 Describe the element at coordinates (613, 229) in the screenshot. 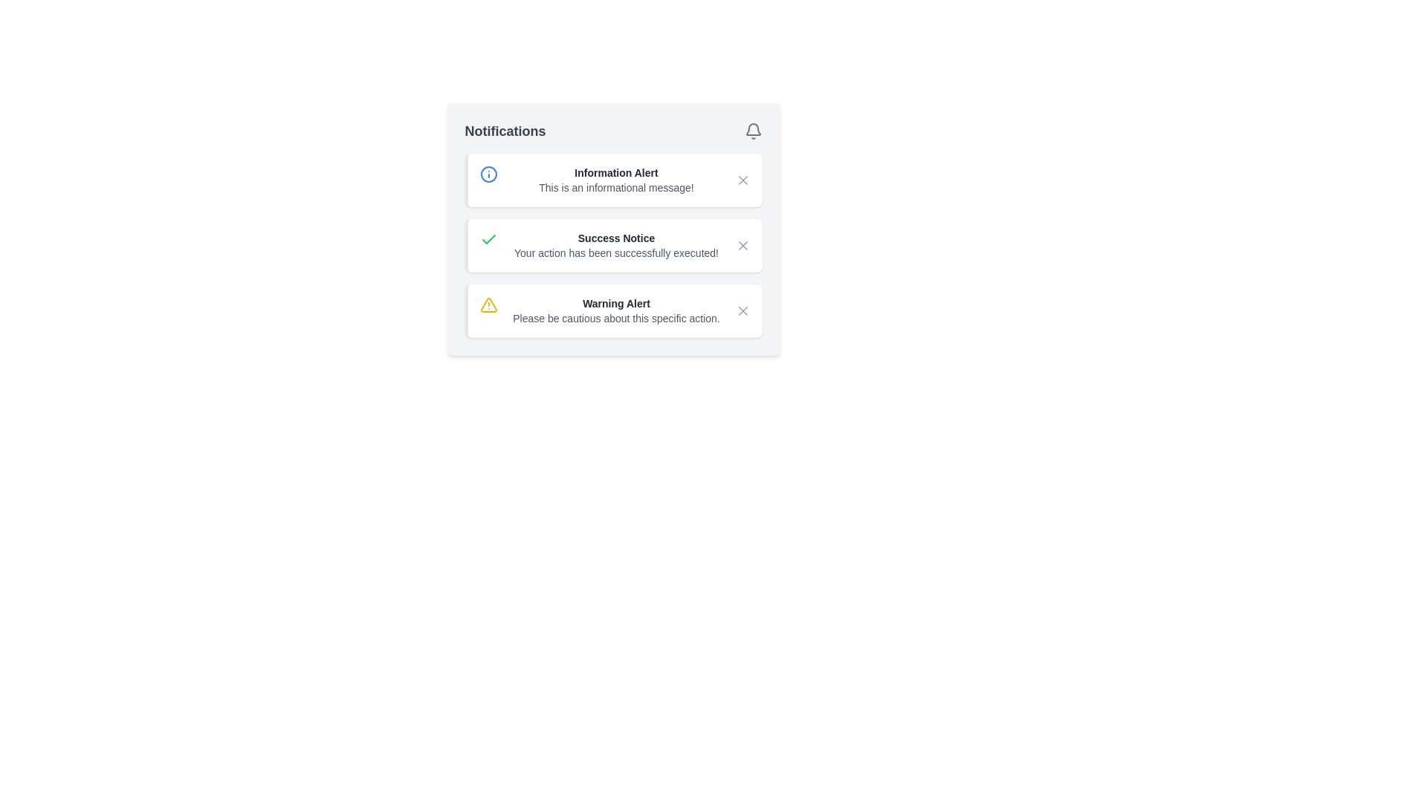

I see `the Notification card that informs the user of a successfully executed action, positioned as the second item in the Notifications list` at that location.